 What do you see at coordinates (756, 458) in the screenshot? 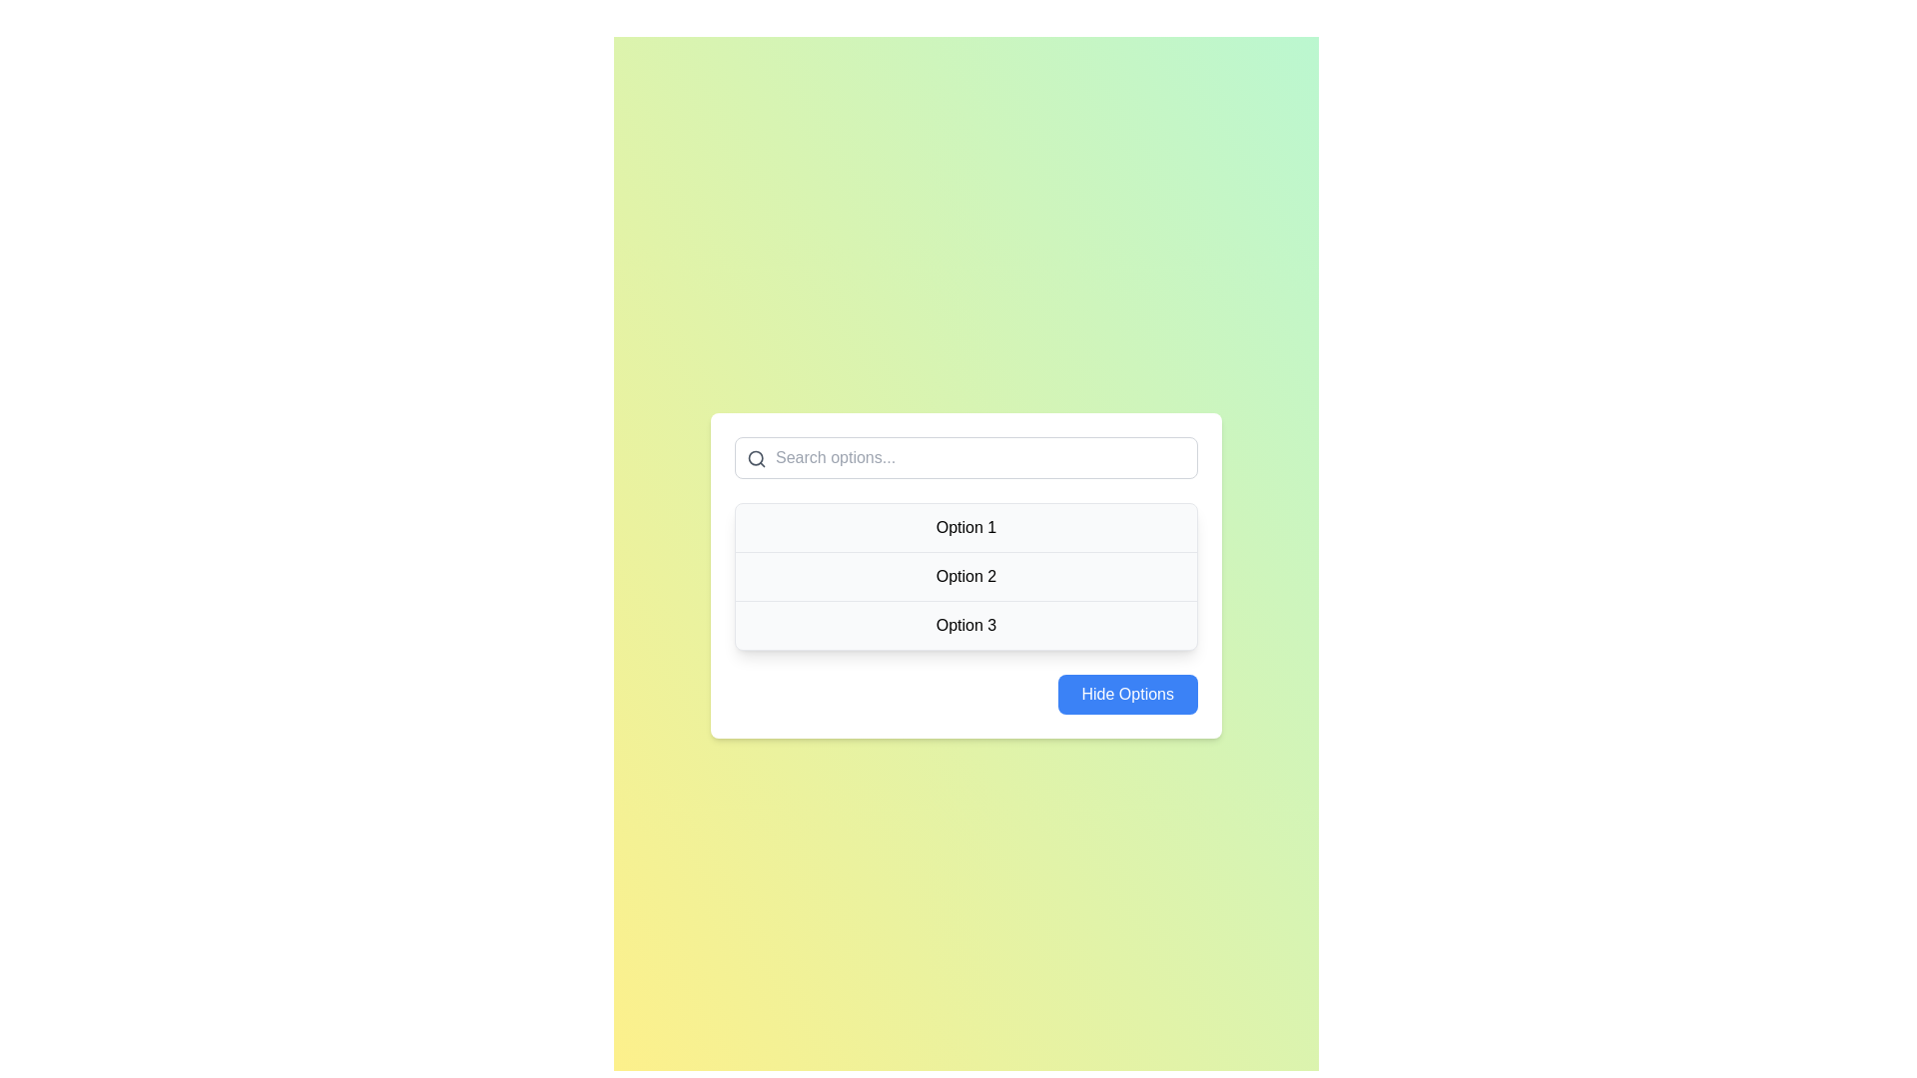
I see `the small gray magnifying glass icon located at the left margin of the input field` at bounding box center [756, 458].